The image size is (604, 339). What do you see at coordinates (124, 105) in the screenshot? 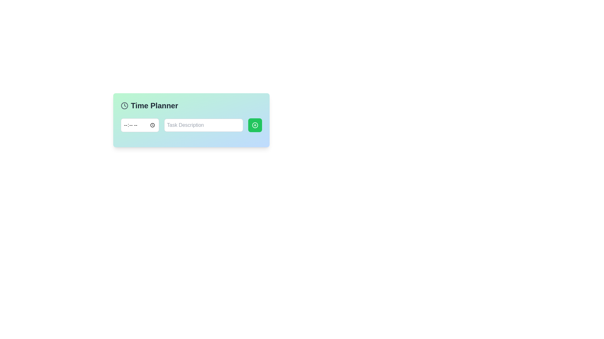
I see `the time-related icon located in the upper-left corner of the 'Time Planner' section by moving the cursor to it` at bounding box center [124, 105].